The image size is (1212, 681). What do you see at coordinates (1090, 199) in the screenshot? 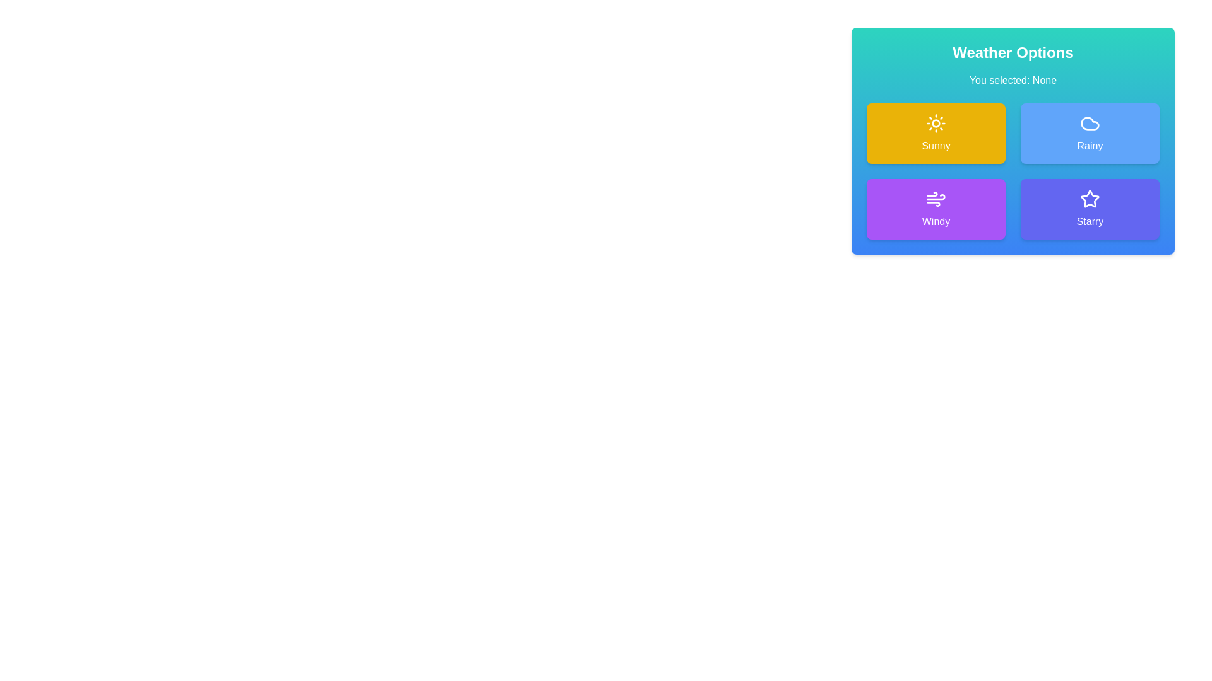
I see `the star-shaped icon, which is part of the 'Starry' button located in the bottom-right corner of the grid layout containing weather options` at bounding box center [1090, 199].